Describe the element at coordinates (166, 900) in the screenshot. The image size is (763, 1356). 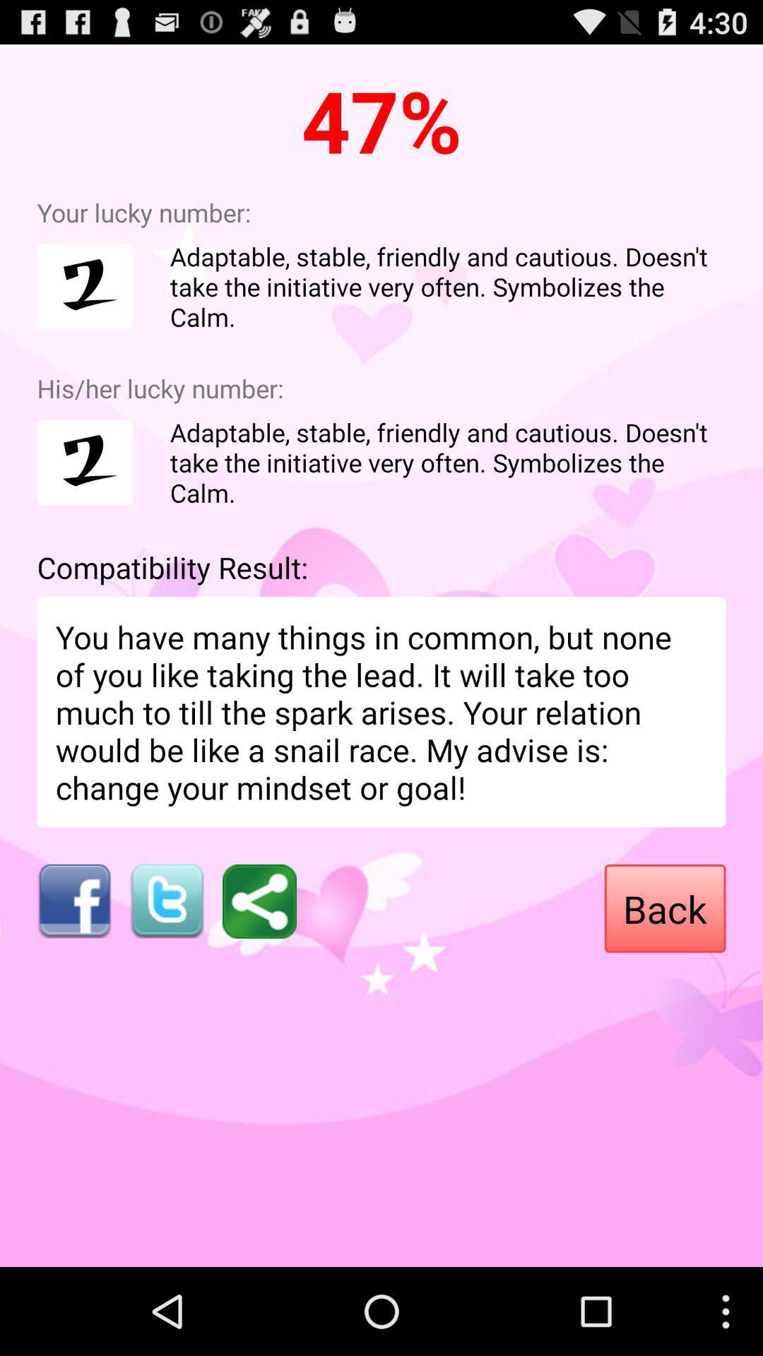
I see `twitter page` at that location.